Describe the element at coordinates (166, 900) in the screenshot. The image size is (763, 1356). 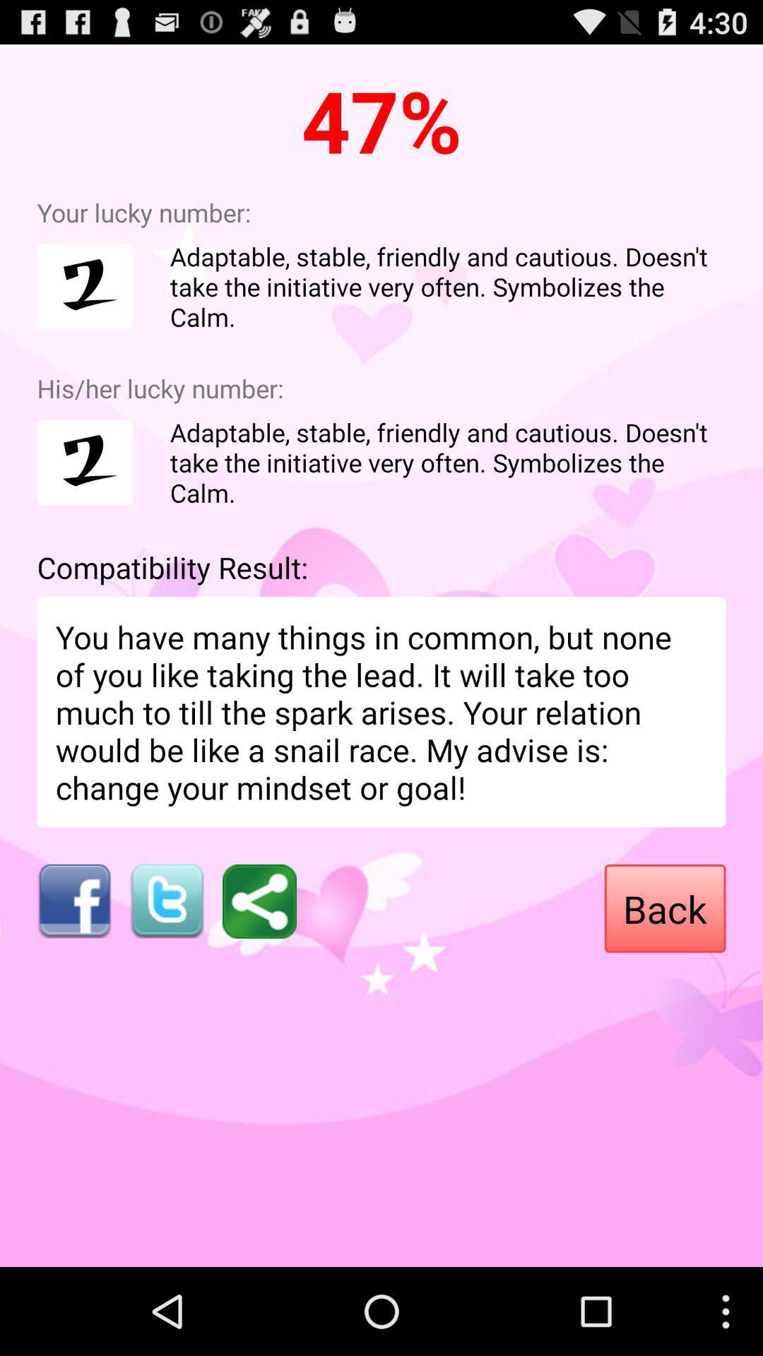
I see `twitter page` at that location.